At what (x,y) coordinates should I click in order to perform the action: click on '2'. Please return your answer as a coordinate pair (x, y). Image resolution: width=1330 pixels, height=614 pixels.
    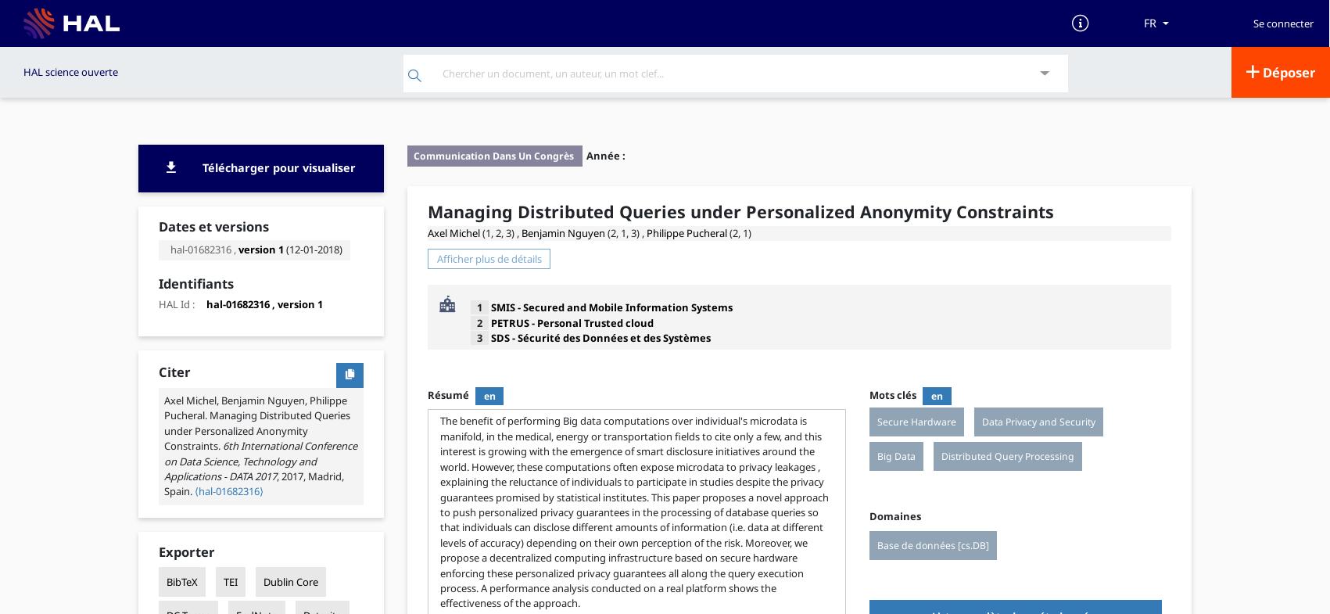
    Looking at the image, I should click on (478, 321).